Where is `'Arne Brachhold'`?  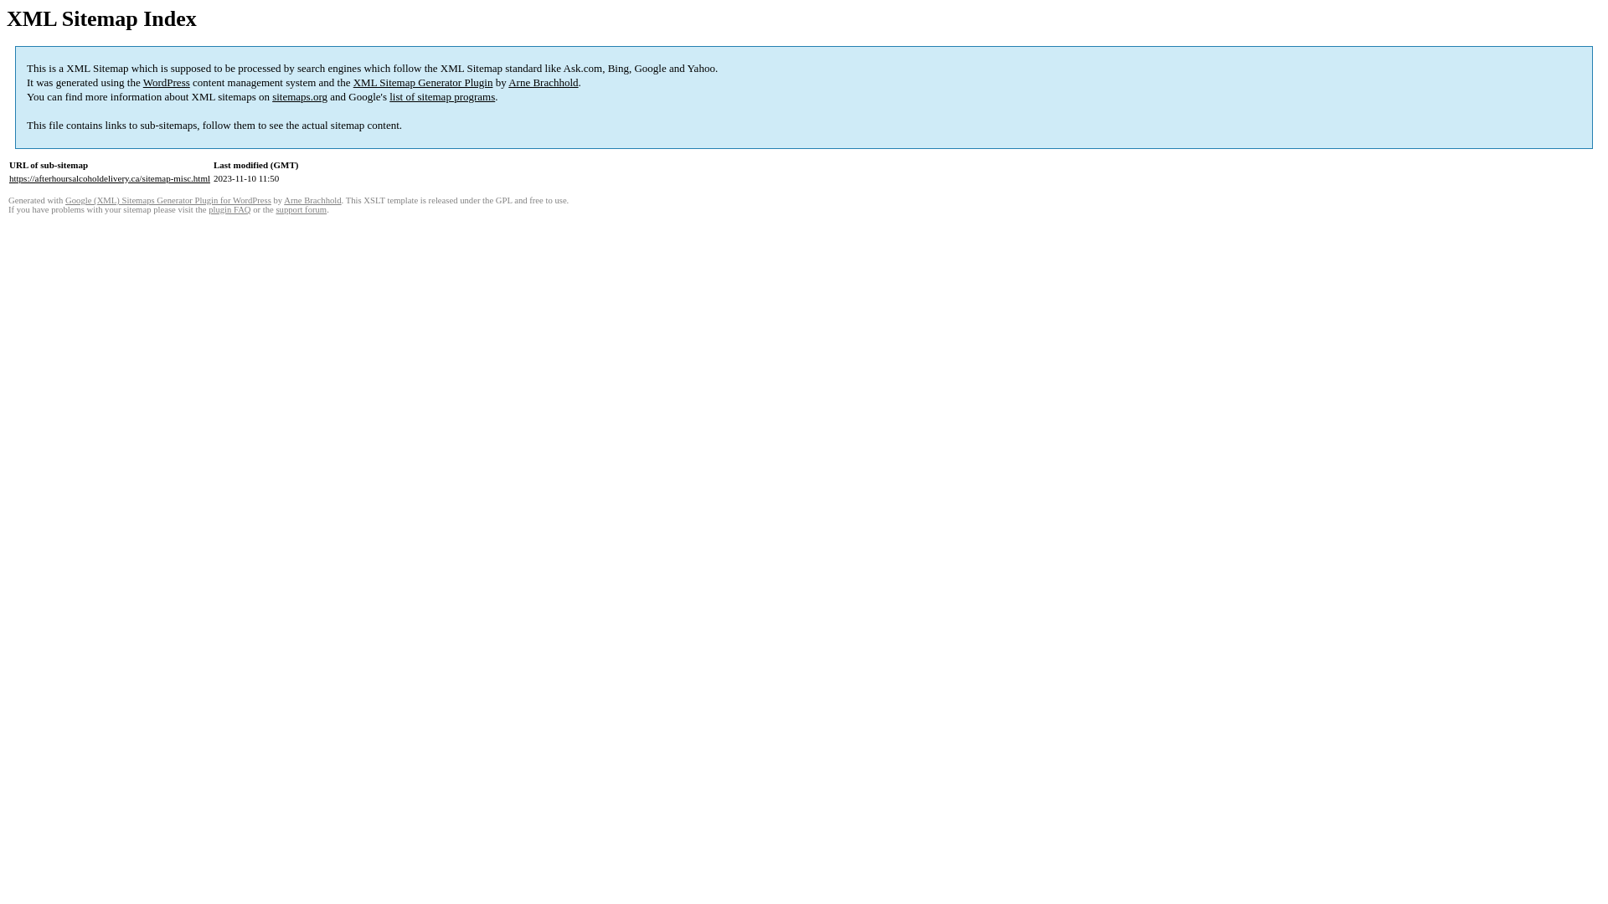 'Arne Brachhold' is located at coordinates (312, 199).